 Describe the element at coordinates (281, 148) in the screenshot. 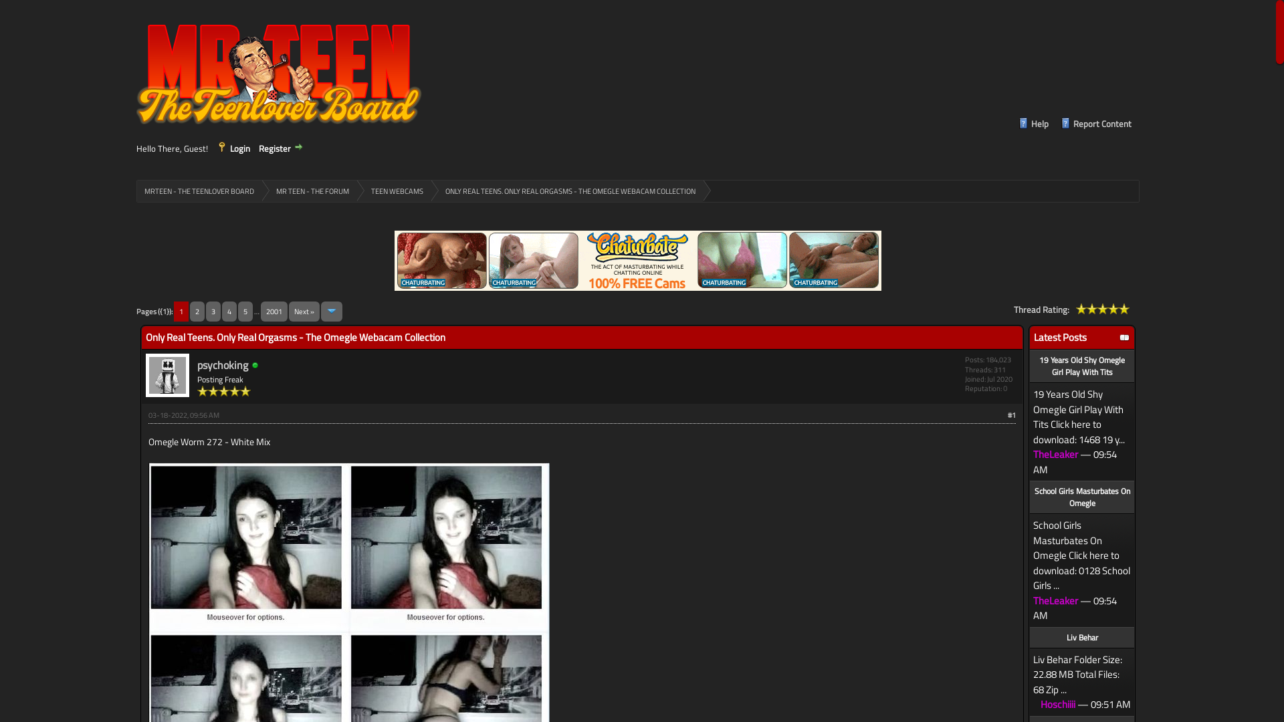

I see `'Register'` at that location.